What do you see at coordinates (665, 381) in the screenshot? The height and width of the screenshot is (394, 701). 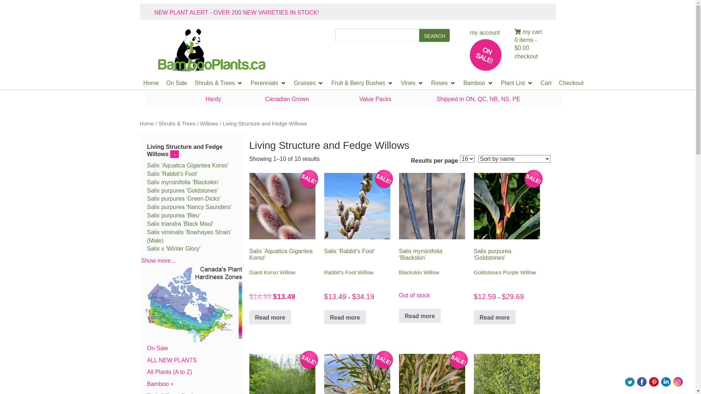 I see `'Visit Us On Linkedin'` at bounding box center [665, 381].